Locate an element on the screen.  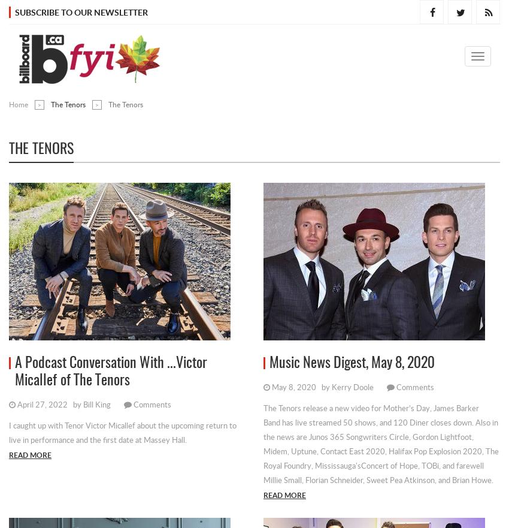
'Music News Digest, May 8, 2020' is located at coordinates (352, 364).